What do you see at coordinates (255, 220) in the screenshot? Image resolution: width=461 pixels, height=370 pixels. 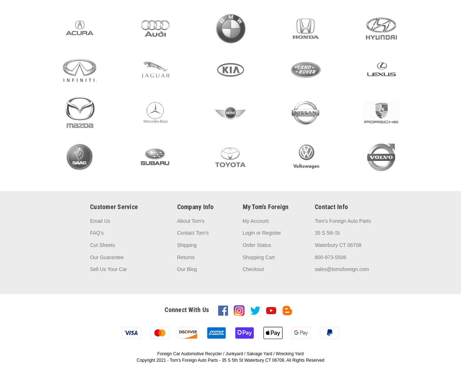 I see `'My Account'` at bounding box center [255, 220].